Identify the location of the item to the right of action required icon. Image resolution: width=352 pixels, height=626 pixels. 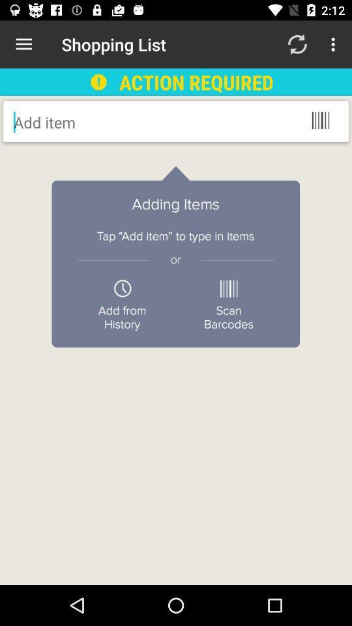
(297, 44).